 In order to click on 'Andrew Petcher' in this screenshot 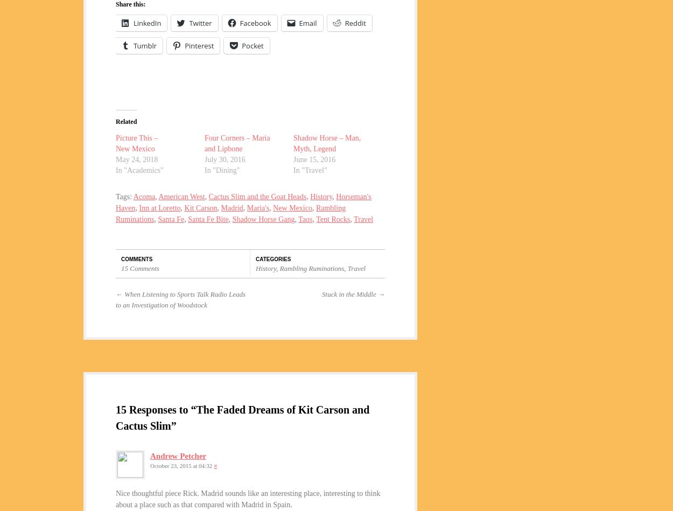, I will do `click(178, 455)`.